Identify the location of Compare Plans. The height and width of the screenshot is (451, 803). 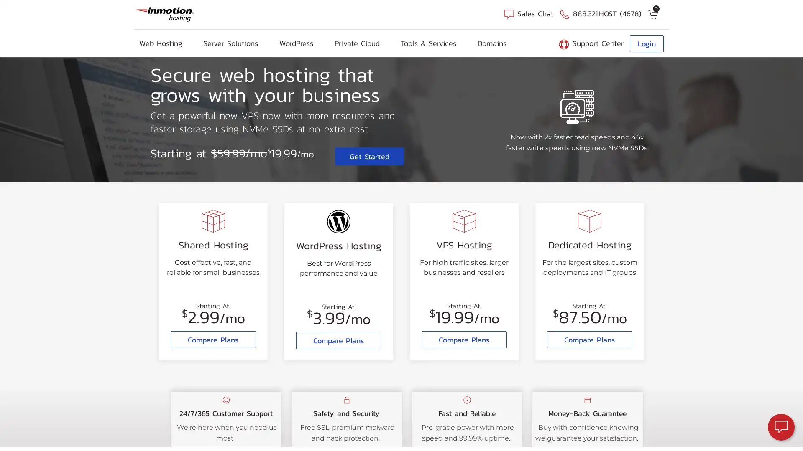
(338, 340).